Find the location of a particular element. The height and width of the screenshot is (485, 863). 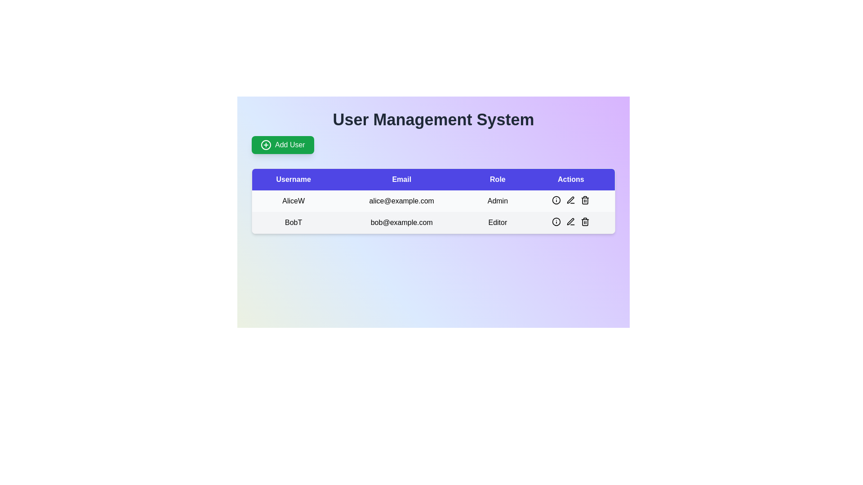

the 'Role' column header in the table, which is the third header, located between 'Email' and 'Actions' is located at coordinates (497, 180).